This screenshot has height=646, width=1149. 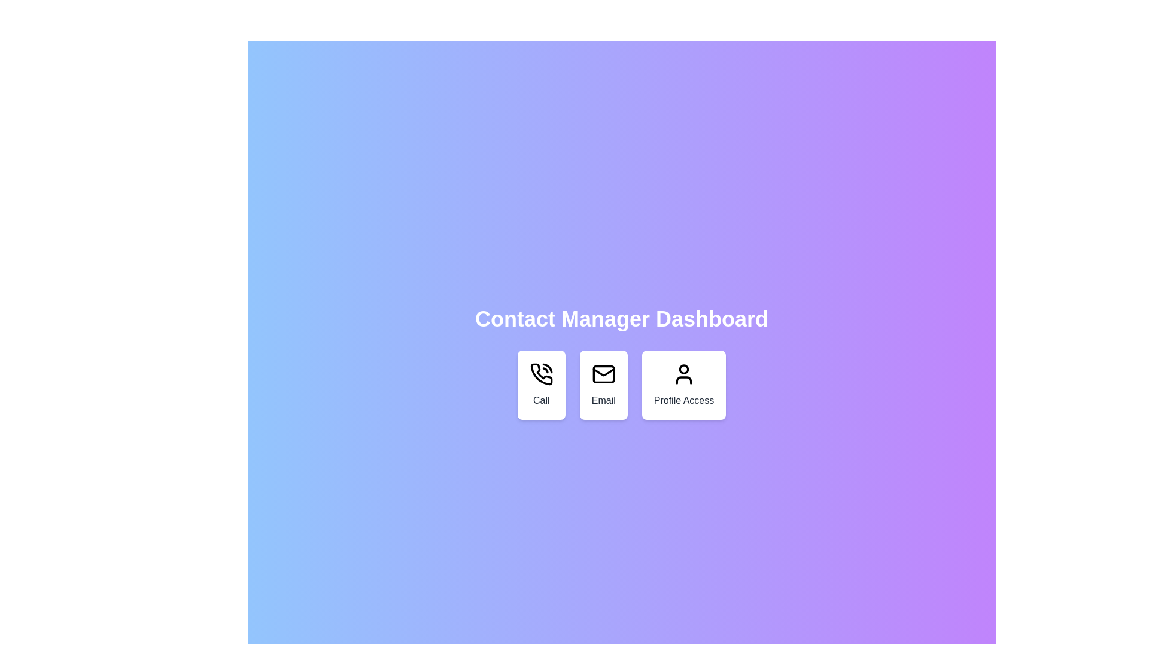 What do you see at coordinates (540, 373) in the screenshot?
I see `the phone call icon located in the 'Call' card, which is the leftmost card in a row of three cards` at bounding box center [540, 373].